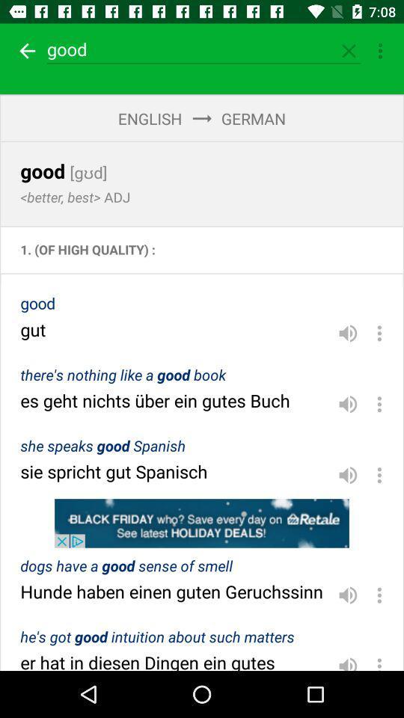 Image resolution: width=404 pixels, height=718 pixels. What do you see at coordinates (348, 595) in the screenshot?
I see `sound settings` at bounding box center [348, 595].